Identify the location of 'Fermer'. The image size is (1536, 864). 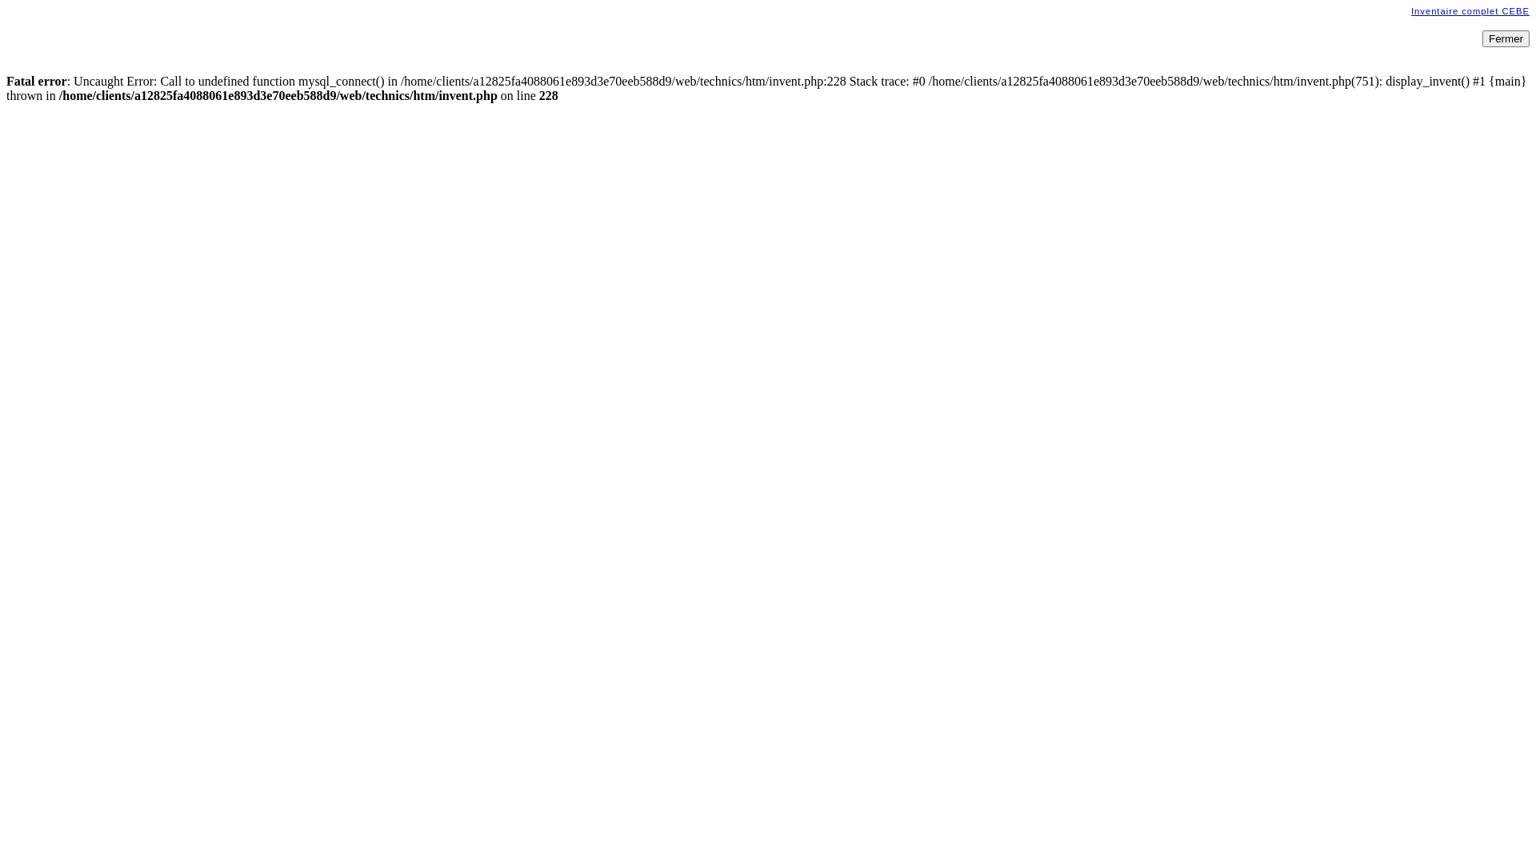
(1505, 38).